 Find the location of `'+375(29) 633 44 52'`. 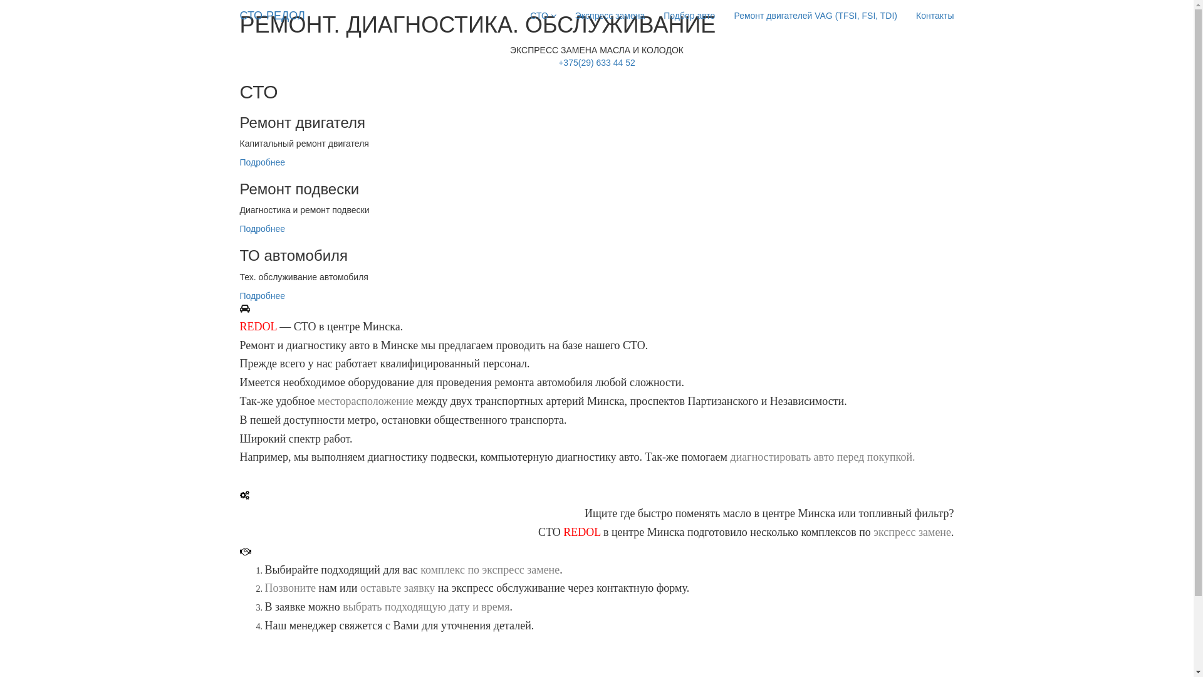

'+375(29) 633 44 52' is located at coordinates (596, 63).